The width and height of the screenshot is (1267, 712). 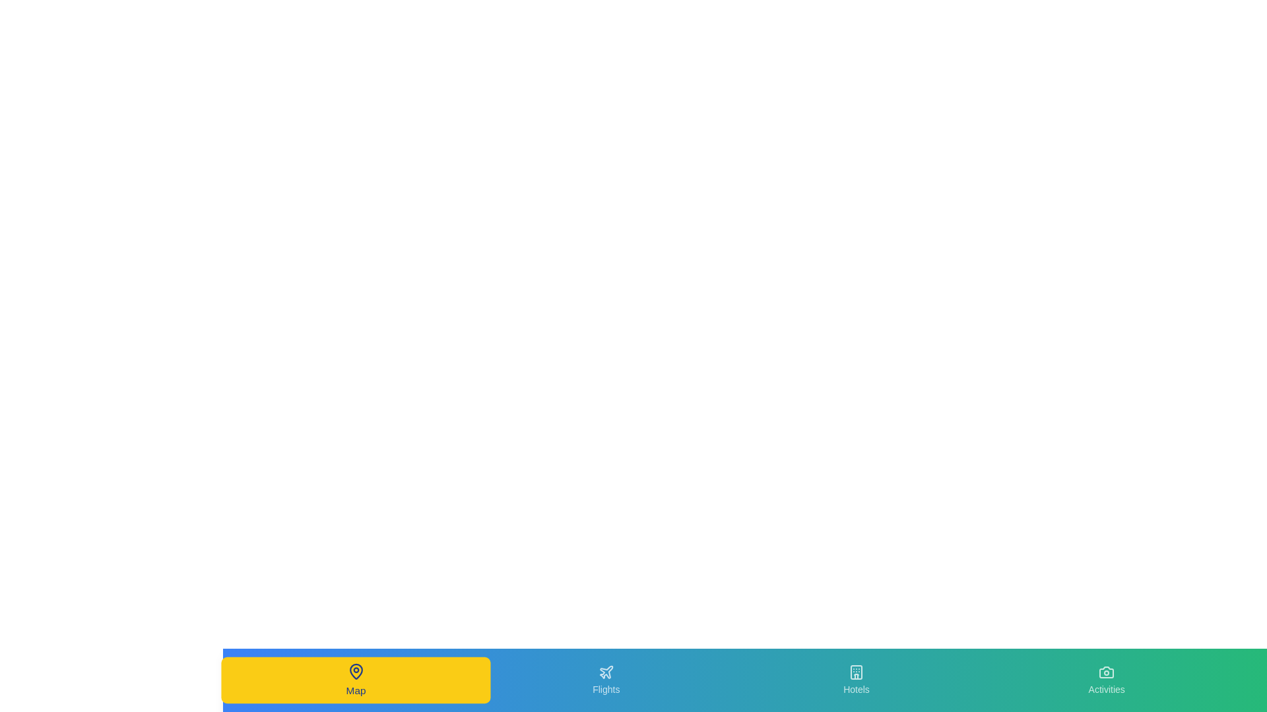 I want to click on the Activities navigation tab to change the view, so click(x=1107, y=680).